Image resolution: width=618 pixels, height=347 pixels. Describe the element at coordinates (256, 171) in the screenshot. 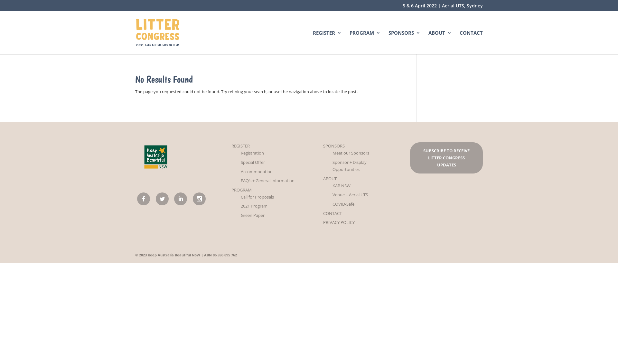

I see `'Accommodation'` at that location.